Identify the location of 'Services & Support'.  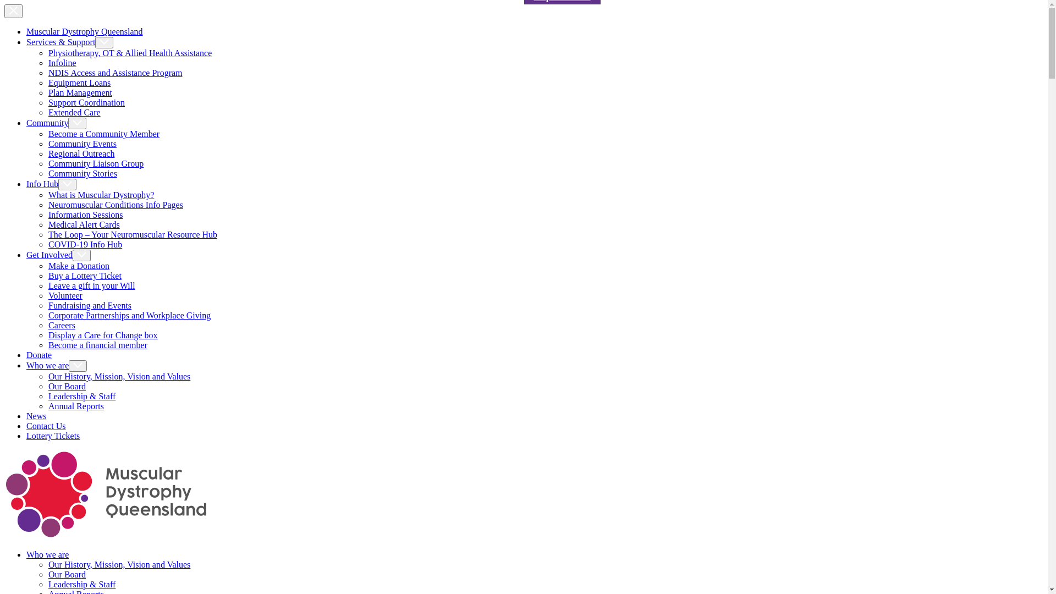
(69, 41).